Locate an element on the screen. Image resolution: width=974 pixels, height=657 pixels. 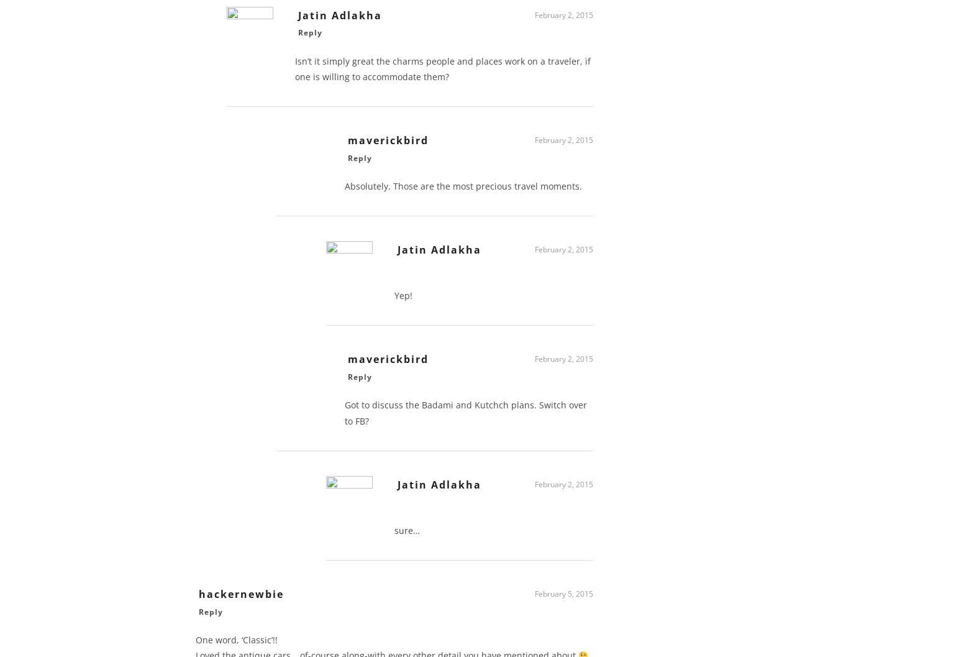
'Yep!' is located at coordinates (403, 300).